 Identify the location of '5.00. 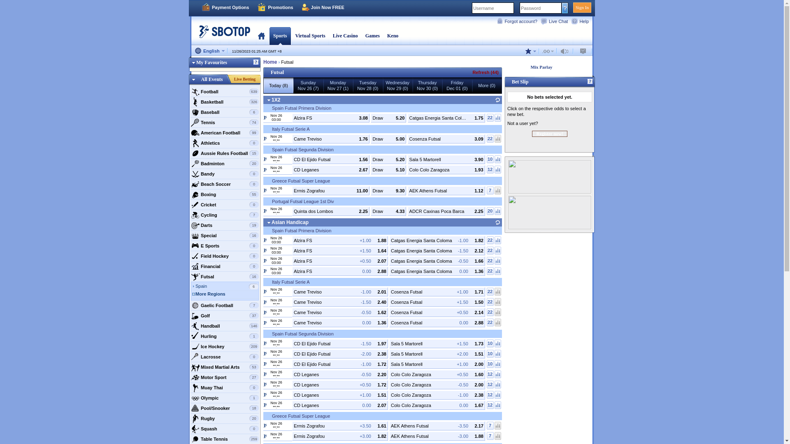
(370, 138).